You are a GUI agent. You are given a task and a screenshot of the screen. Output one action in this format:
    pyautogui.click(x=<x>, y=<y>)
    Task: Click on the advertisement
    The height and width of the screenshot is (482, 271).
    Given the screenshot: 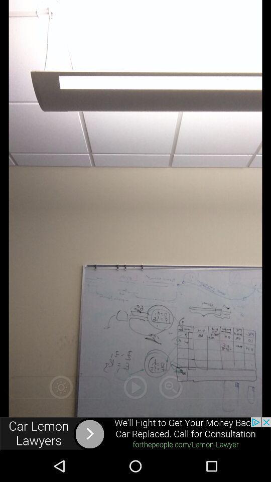 What is the action you would take?
    pyautogui.click(x=135, y=433)
    